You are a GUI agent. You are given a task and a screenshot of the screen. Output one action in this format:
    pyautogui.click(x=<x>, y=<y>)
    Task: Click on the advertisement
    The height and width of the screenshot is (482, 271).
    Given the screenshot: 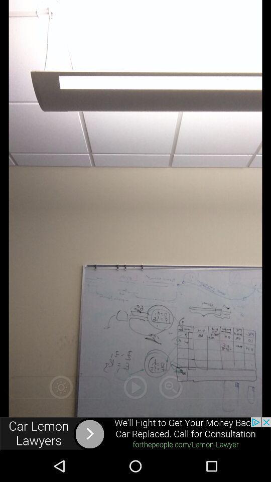 What is the action you would take?
    pyautogui.click(x=135, y=433)
    